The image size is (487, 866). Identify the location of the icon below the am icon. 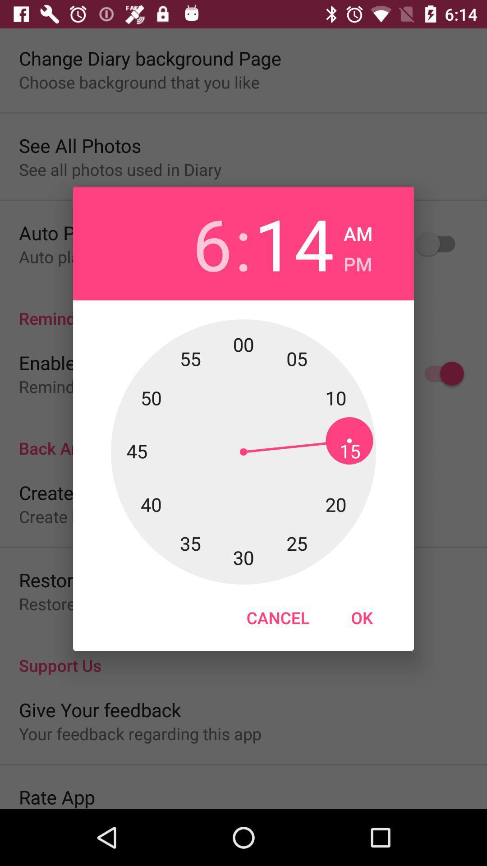
(357, 261).